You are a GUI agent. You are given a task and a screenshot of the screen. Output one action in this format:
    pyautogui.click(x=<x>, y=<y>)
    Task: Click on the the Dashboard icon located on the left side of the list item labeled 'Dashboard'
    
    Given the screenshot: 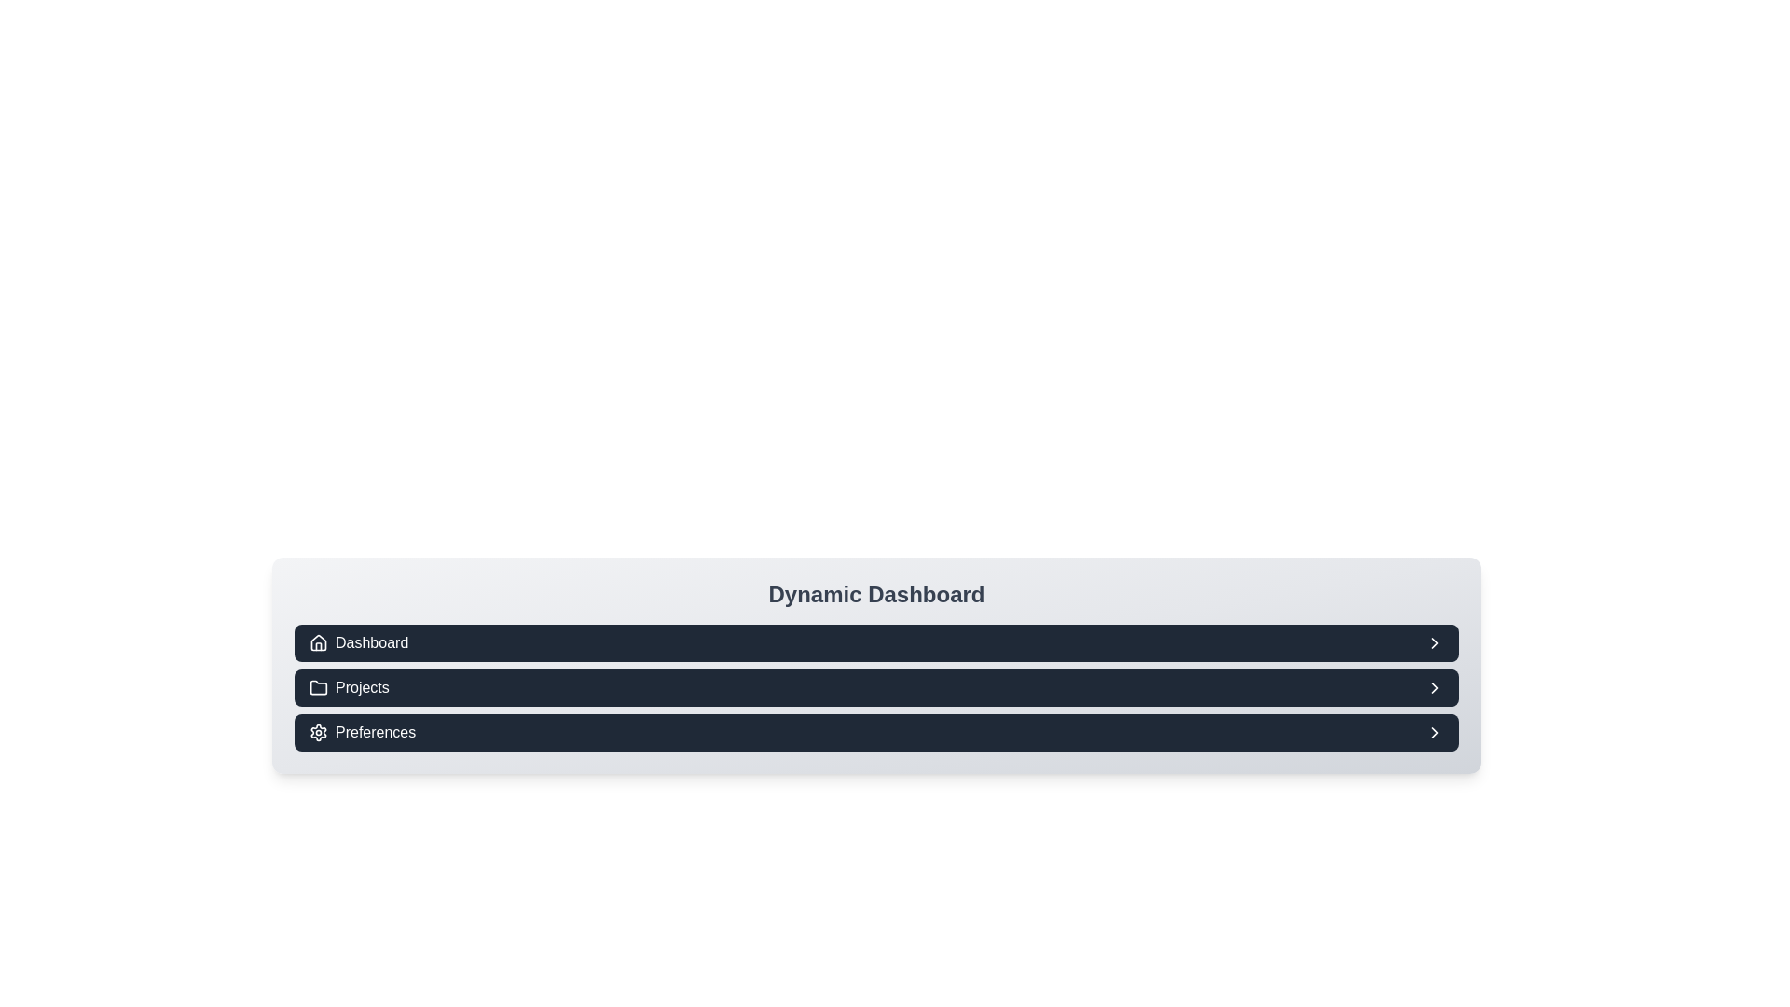 What is the action you would take?
    pyautogui.click(x=318, y=642)
    